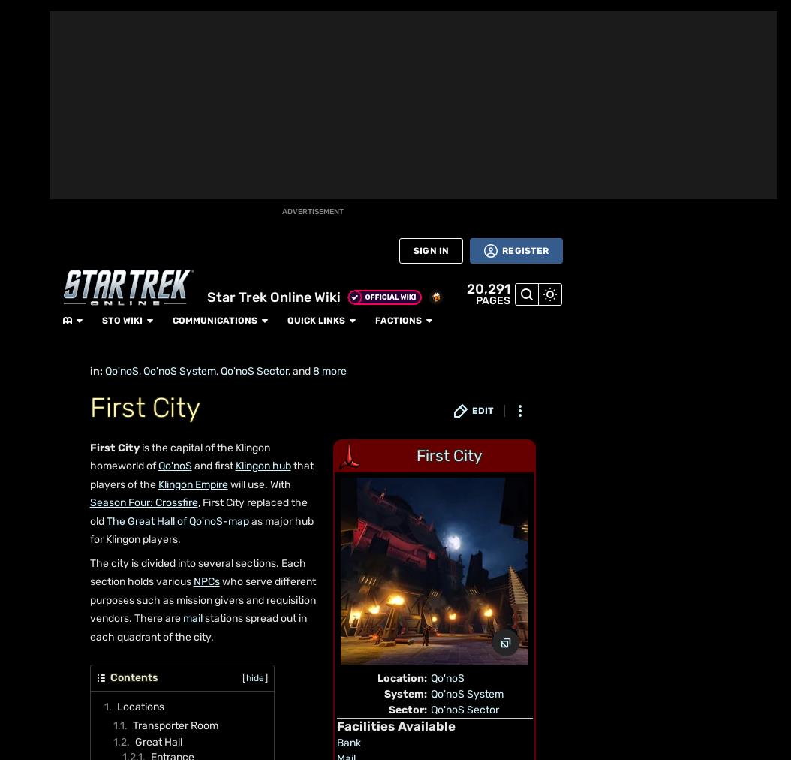 This screenshot has height=760, width=791. Describe the element at coordinates (197, 15) in the screenshot. I see `'Communications'` at that location.